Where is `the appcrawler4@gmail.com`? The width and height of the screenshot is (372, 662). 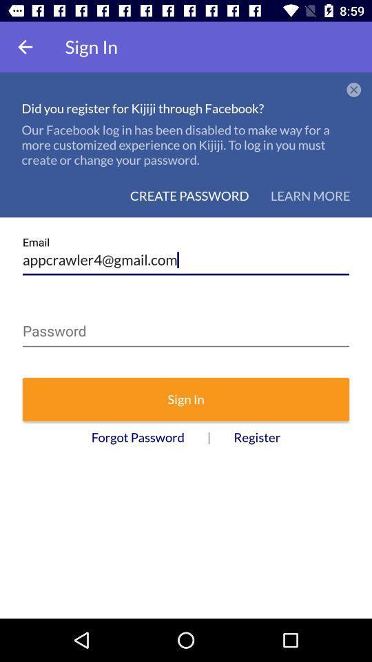 the appcrawler4@gmail.com is located at coordinates (186, 254).